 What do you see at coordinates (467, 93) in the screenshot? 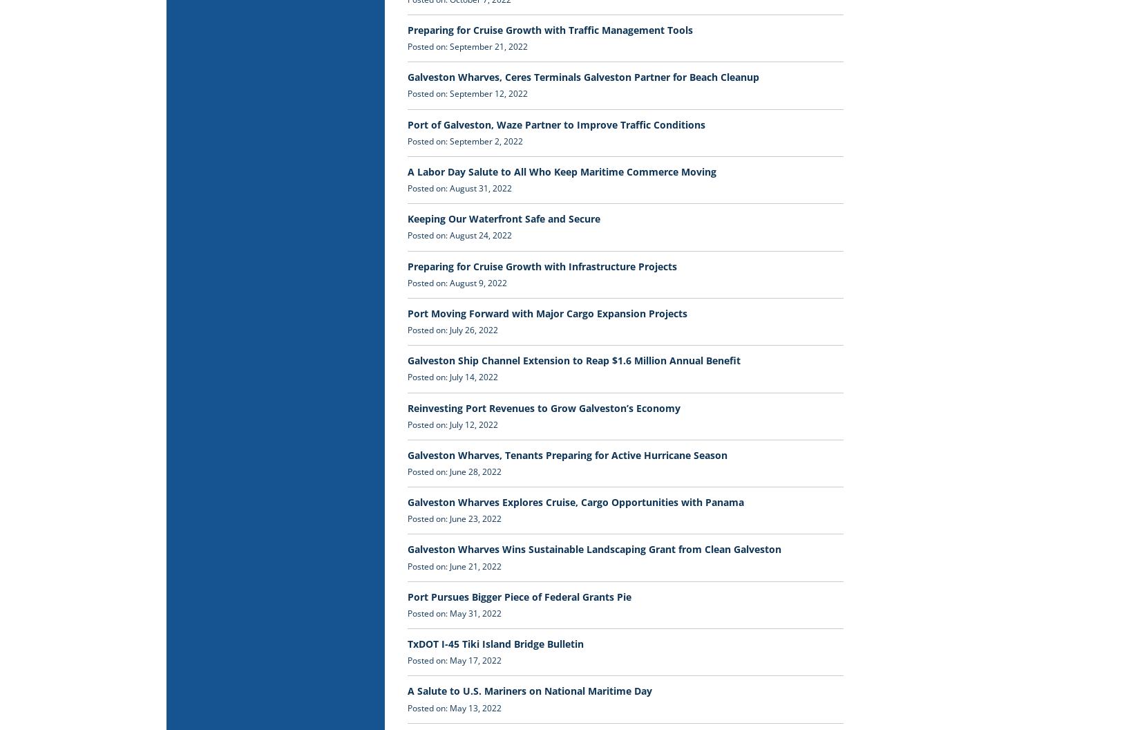
I see `'Posted on: September 12, 2022'` at bounding box center [467, 93].